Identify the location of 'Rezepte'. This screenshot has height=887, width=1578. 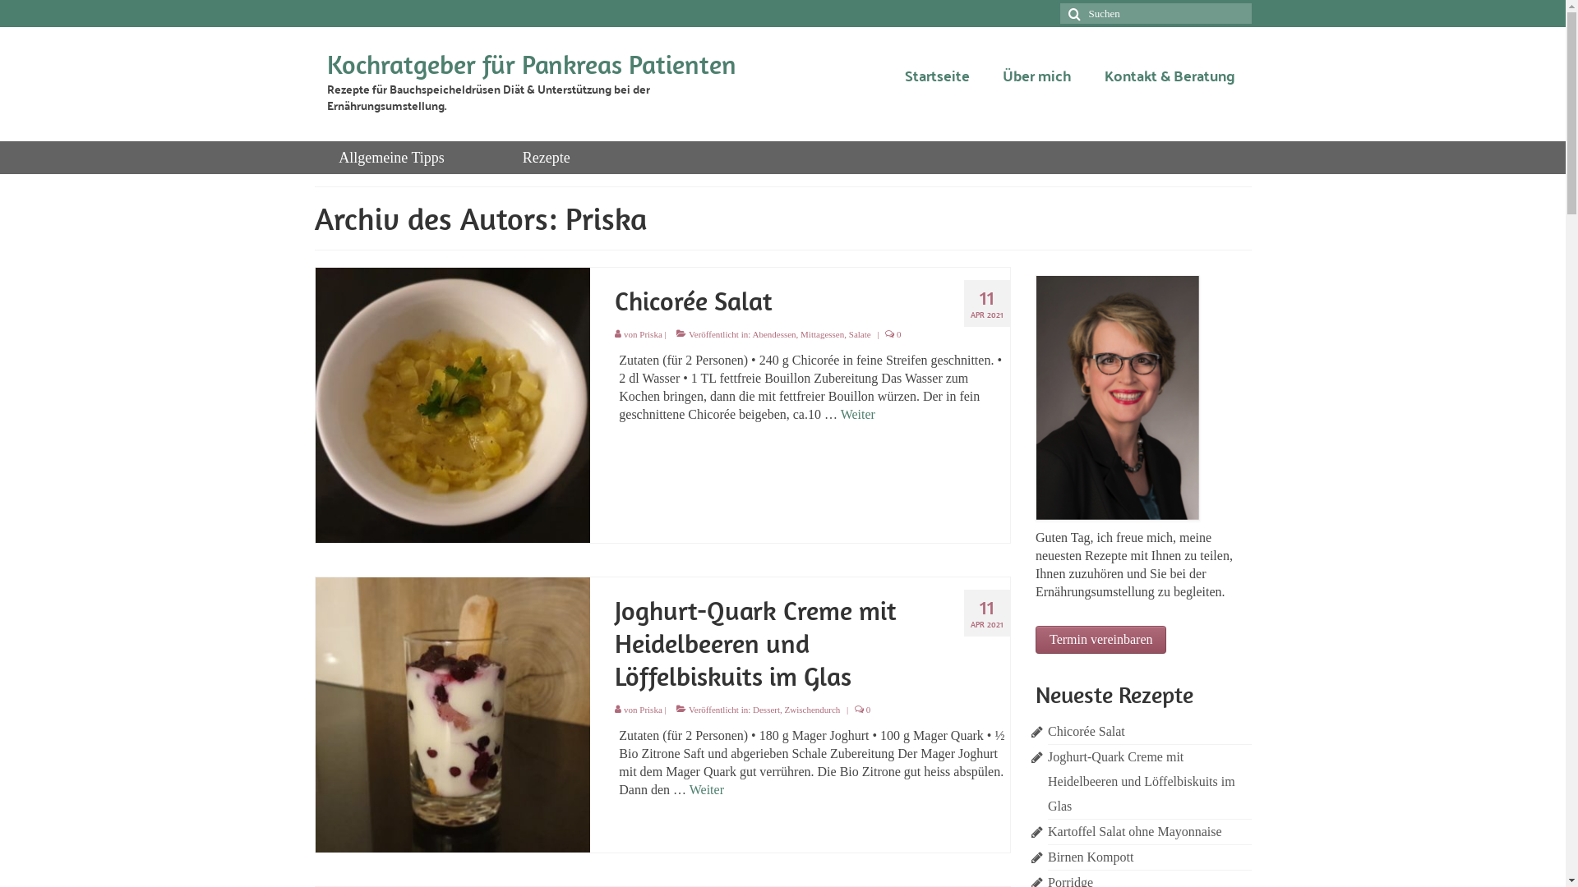
(547, 158).